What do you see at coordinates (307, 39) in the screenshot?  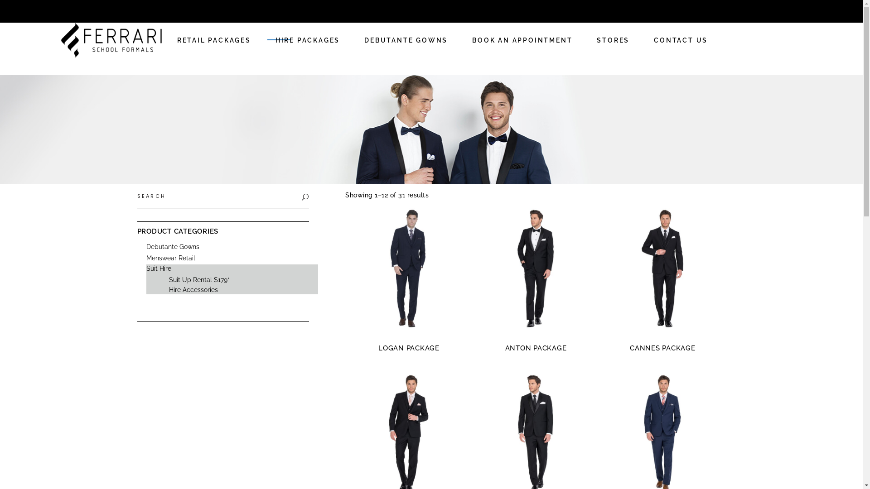 I see `'HIRE PACKAGES'` at bounding box center [307, 39].